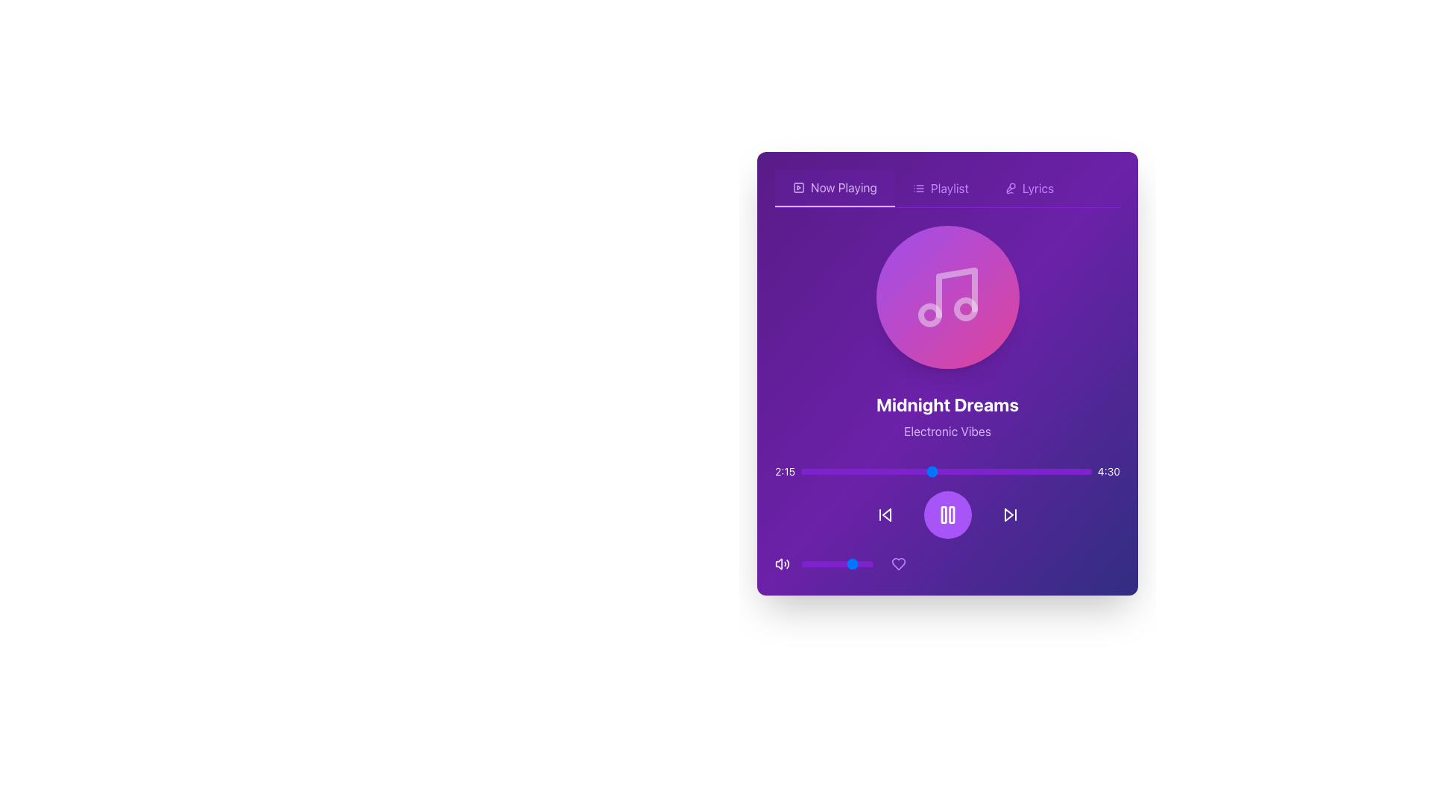 The width and height of the screenshot is (1431, 805). I want to click on progress, so click(908, 471).